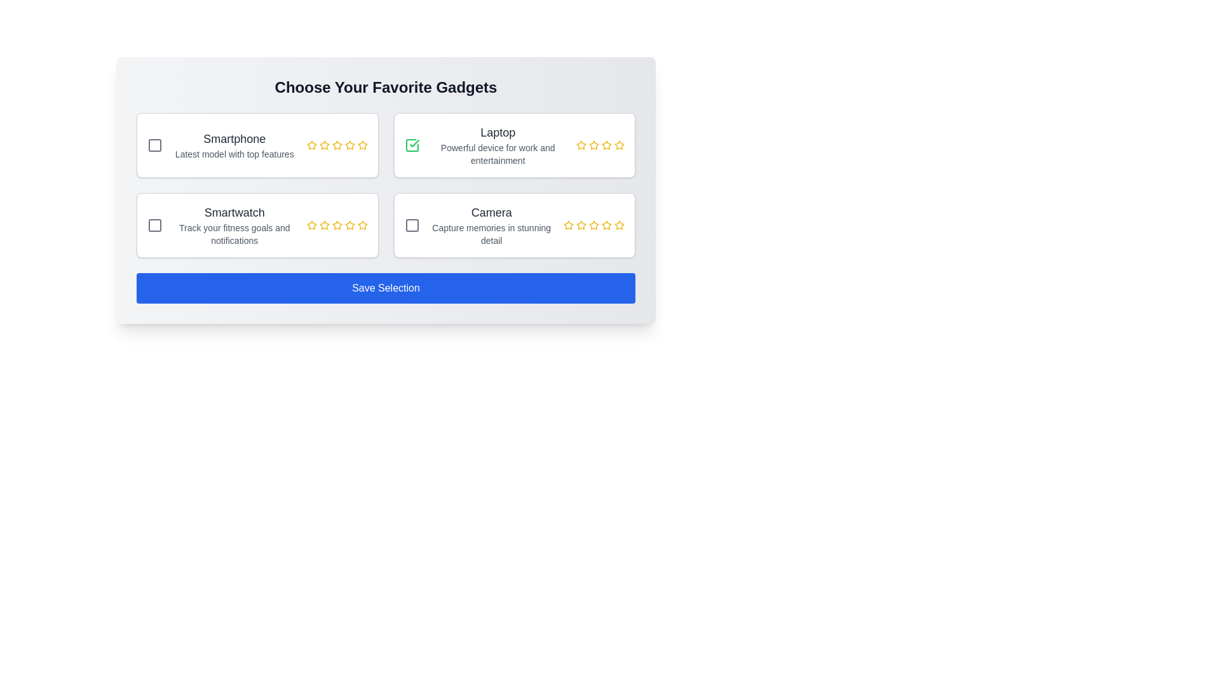 This screenshot has height=686, width=1220. Describe the element at coordinates (362, 144) in the screenshot. I see `the fifth star icon in the star rating system` at that location.